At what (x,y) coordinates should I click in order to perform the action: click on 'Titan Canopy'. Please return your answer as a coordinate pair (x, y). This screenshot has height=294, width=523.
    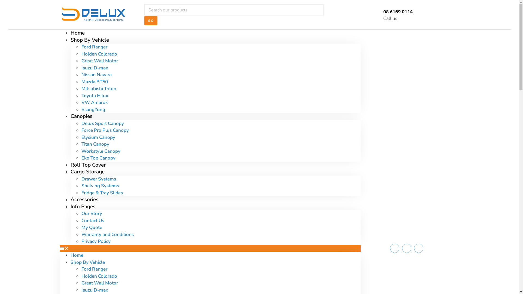
    Looking at the image, I should click on (95, 144).